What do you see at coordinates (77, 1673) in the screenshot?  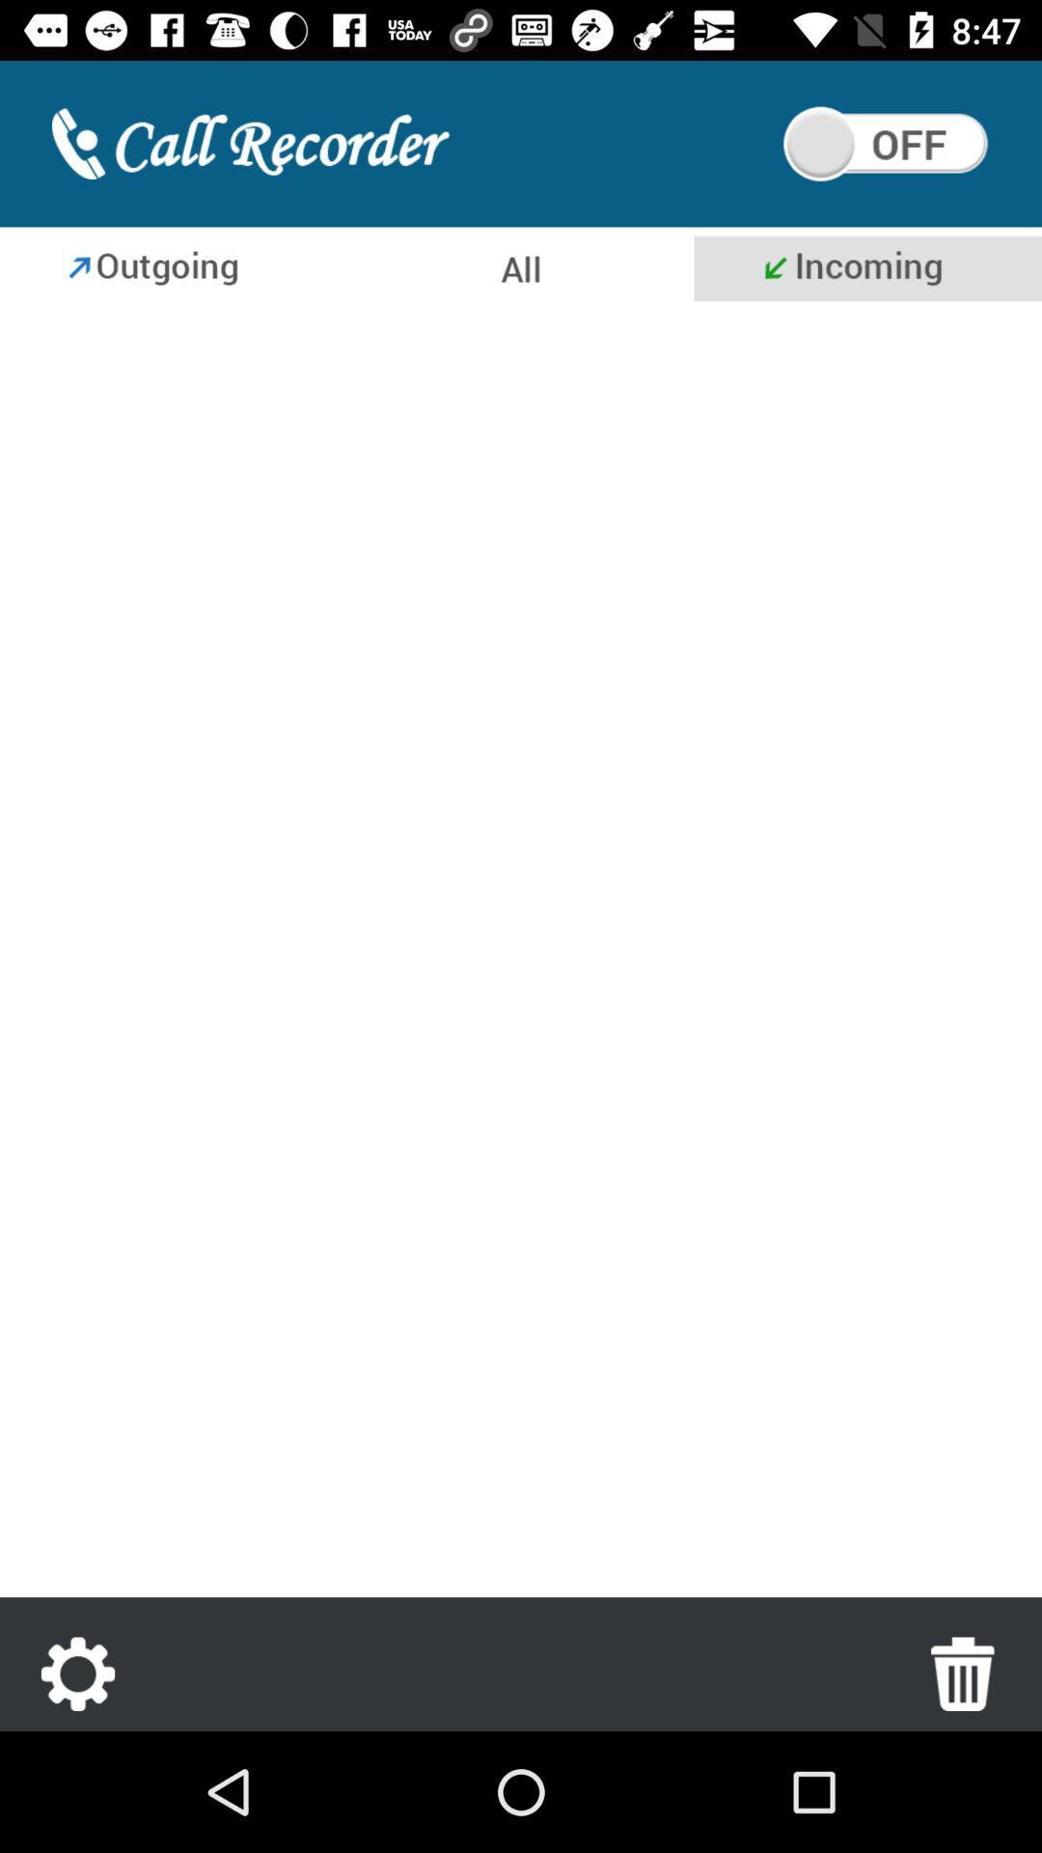 I see `settings` at bounding box center [77, 1673].